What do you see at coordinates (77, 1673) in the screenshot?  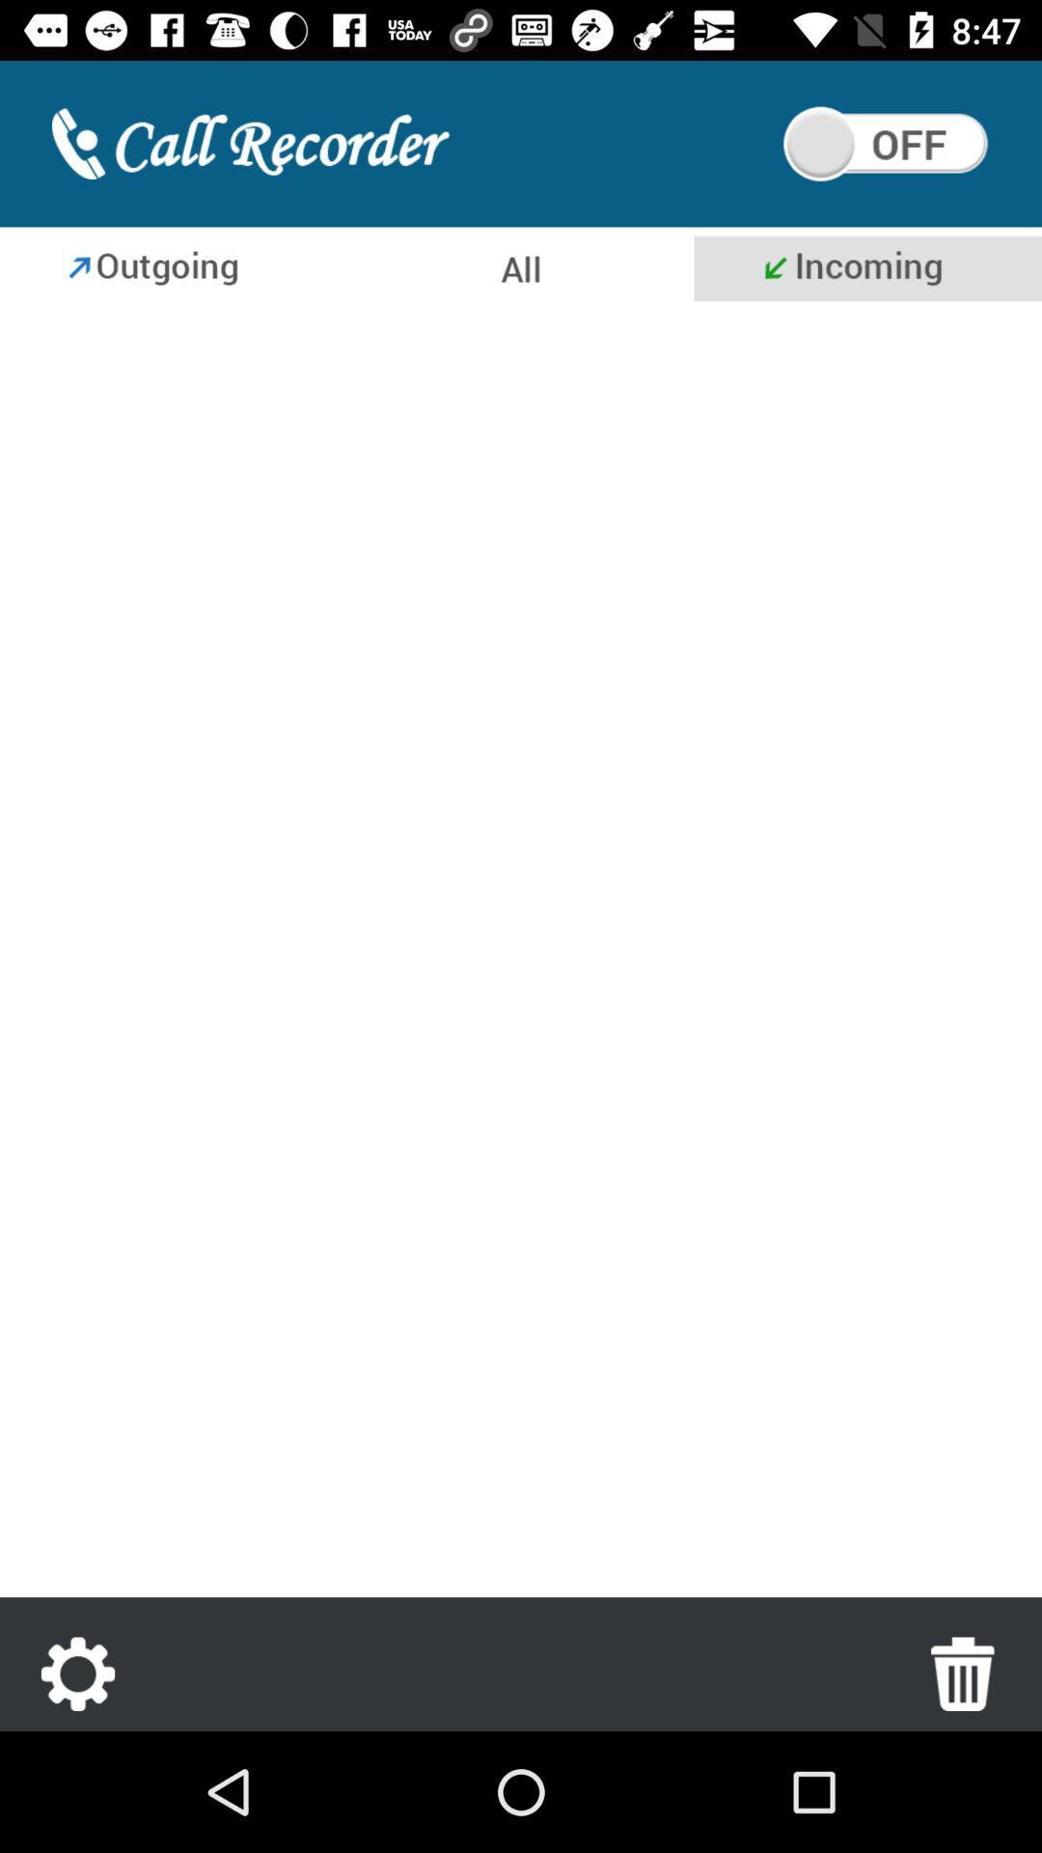 I see `settings` at bounding box center [77, 1673].